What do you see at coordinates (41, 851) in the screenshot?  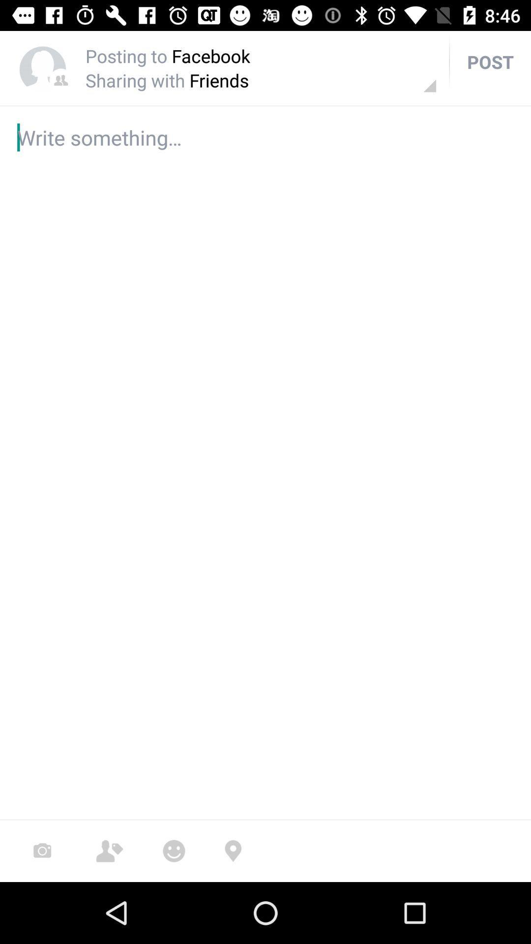 I see `the photo icon` at bounding box center [41, 851].